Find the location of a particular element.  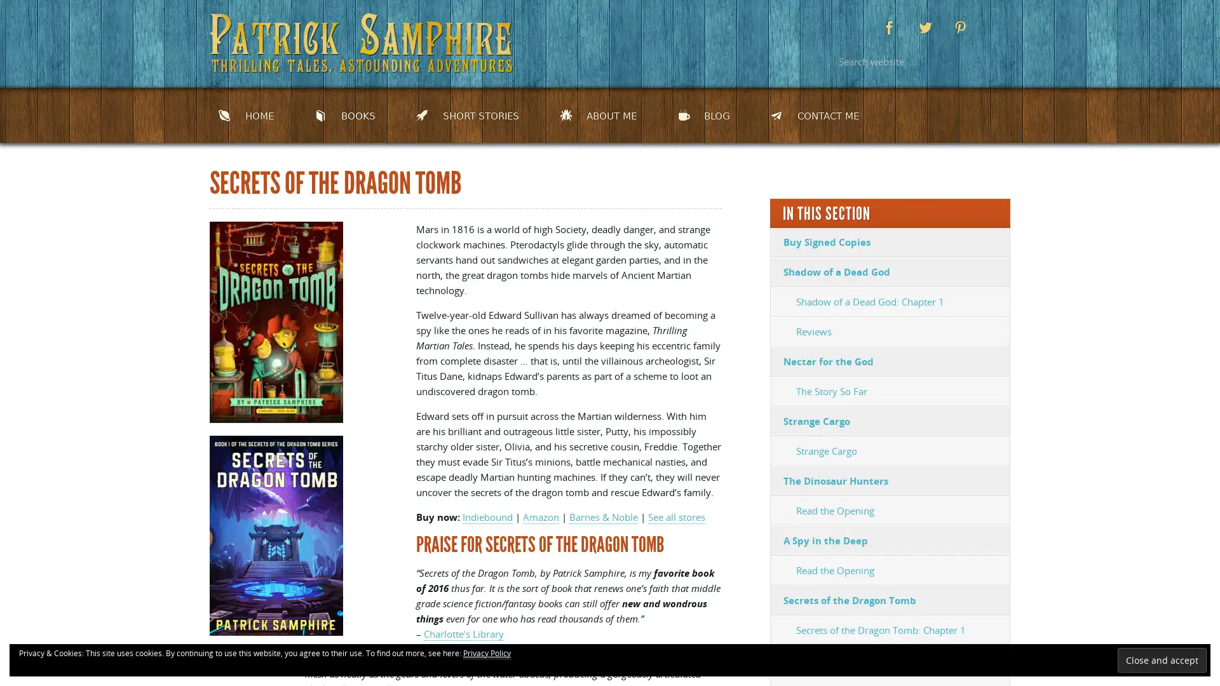

Close and accept is located at coordinates (1162, 659).